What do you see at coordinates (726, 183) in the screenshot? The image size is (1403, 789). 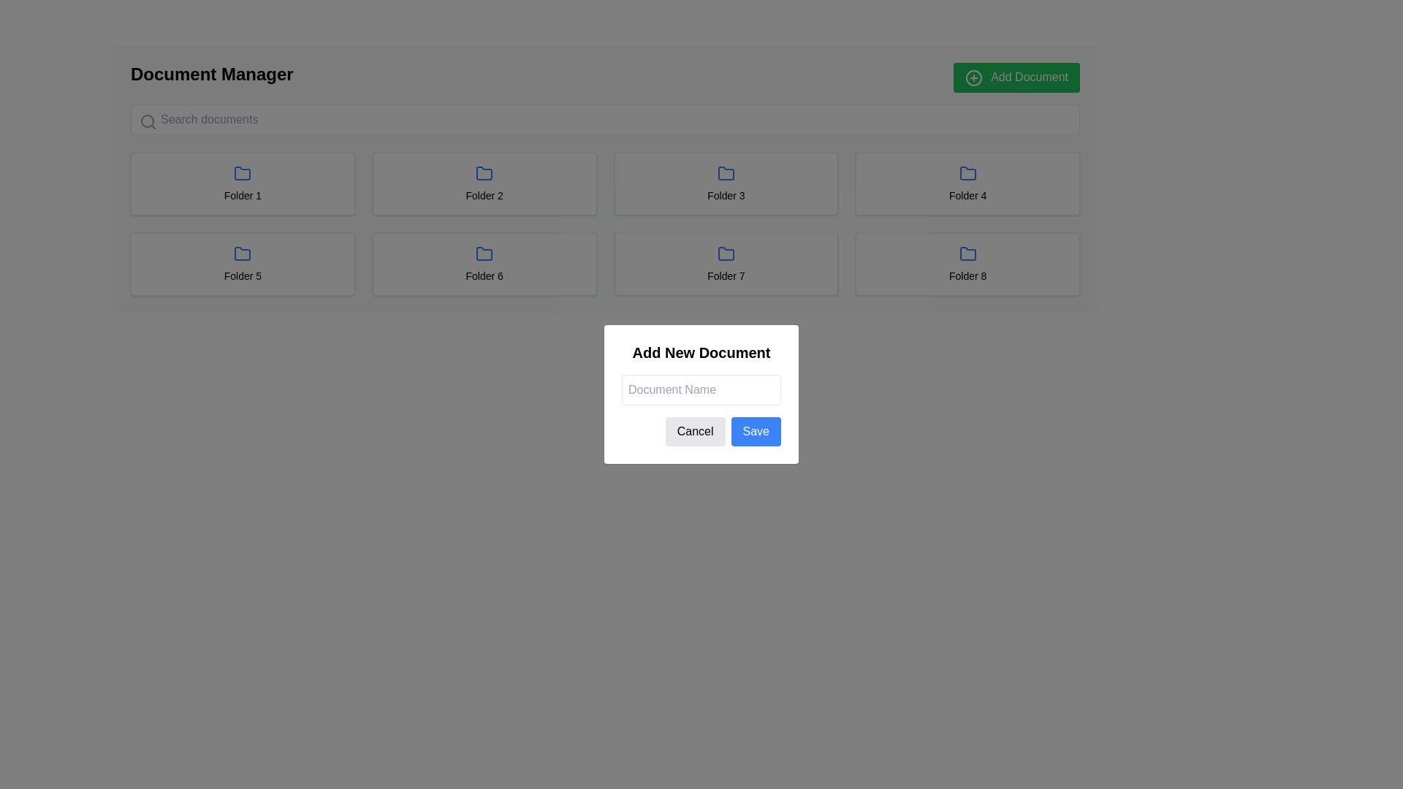 I see `on the button labeled 'Folder 3', which is a white rectangular card with rounded corners and a blue folder icon, located in the third column of the first row in a grid of folder icons` at bounding box center [726, 183].